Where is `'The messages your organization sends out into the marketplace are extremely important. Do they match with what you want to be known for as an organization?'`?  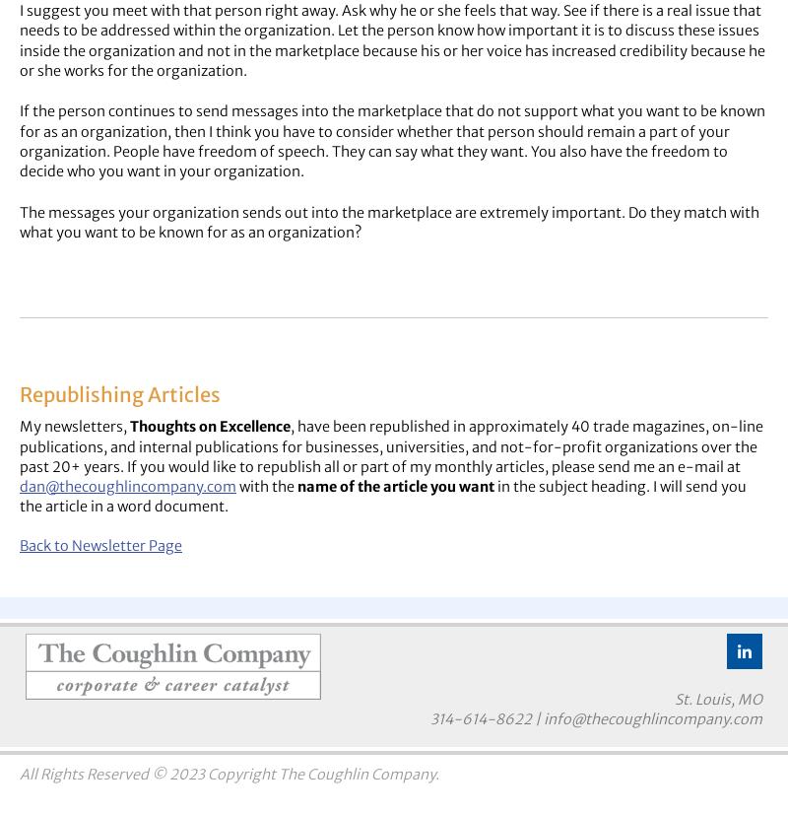
'The messages your organization sends out into the marketplace are extremely important. Do they match with what you want to be known for as an organization?' is located at coordinates (388, 221).